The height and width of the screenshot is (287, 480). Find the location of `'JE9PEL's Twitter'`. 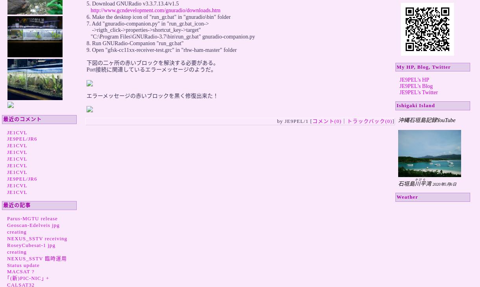

'JE9PEL's Twitter' is located at coordinates (418, 92).